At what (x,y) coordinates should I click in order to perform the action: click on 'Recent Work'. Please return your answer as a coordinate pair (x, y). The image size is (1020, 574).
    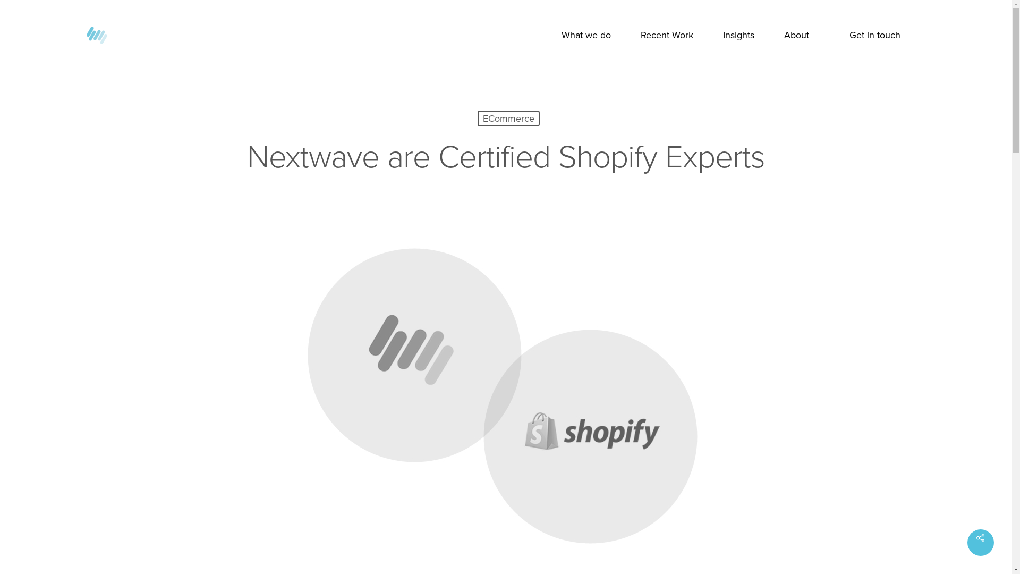
    Looking at the image, I should click on (666, 35).